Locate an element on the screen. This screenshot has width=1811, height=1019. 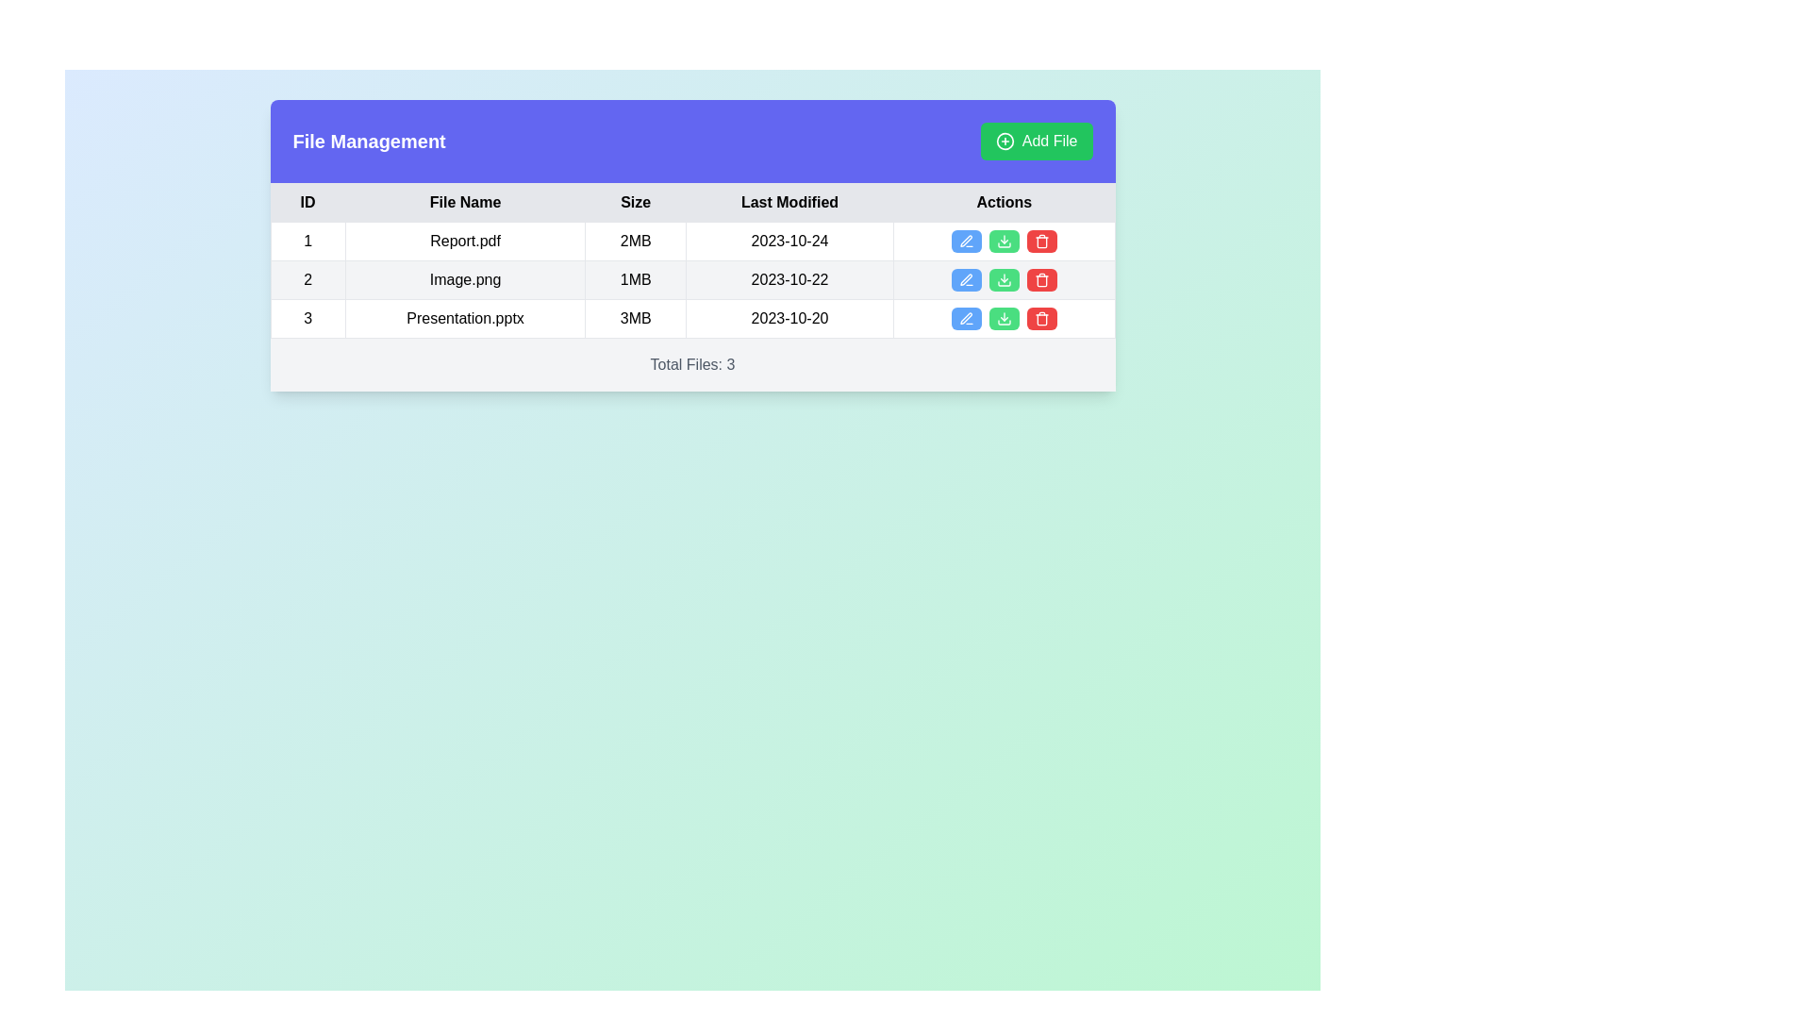
the red trash bin icon in the 'Actions' column of the third row in the file management table is located at coordinates (1040, 318).